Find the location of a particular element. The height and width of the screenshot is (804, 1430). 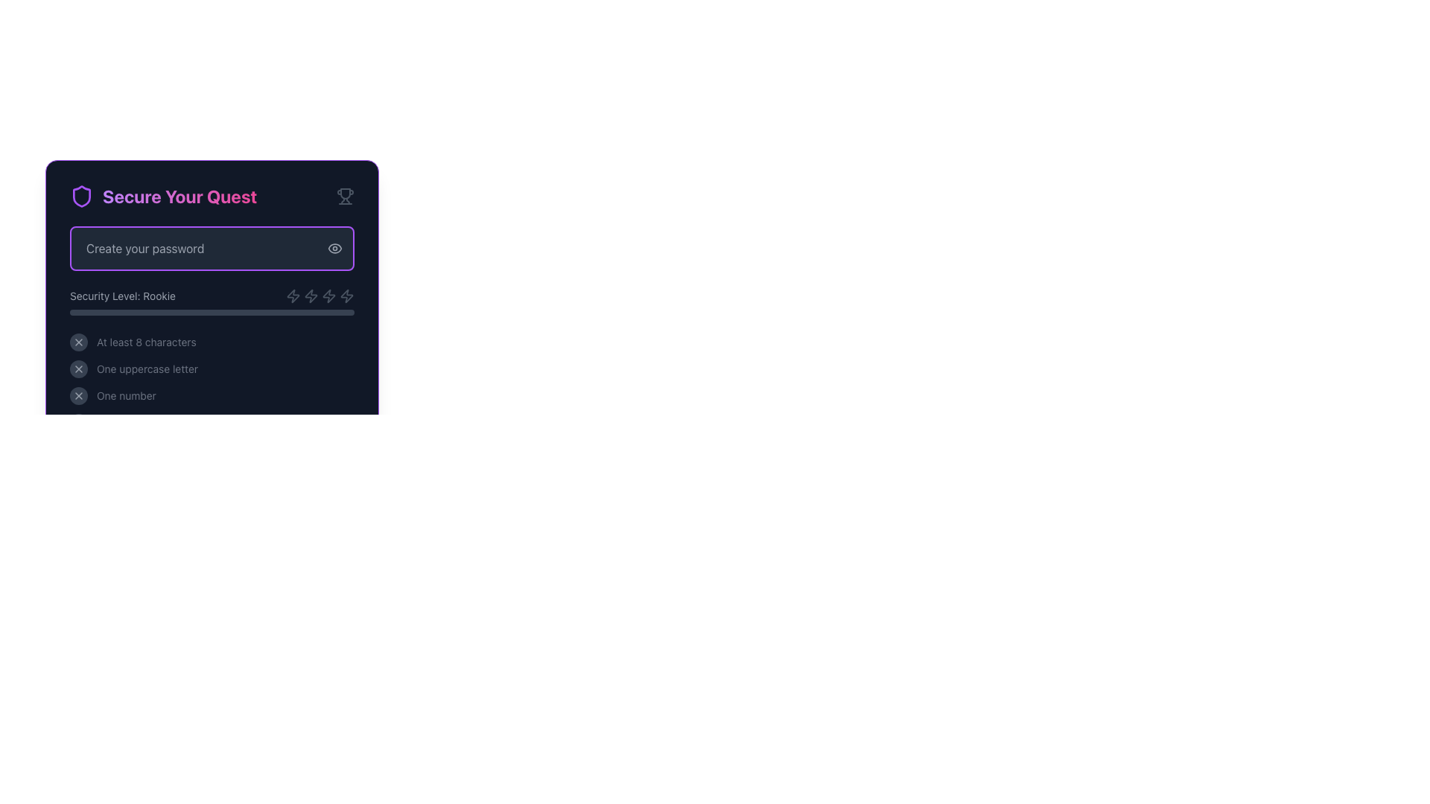

the 'Security Level: Rookie' text label is located at coordinates (211, 301).